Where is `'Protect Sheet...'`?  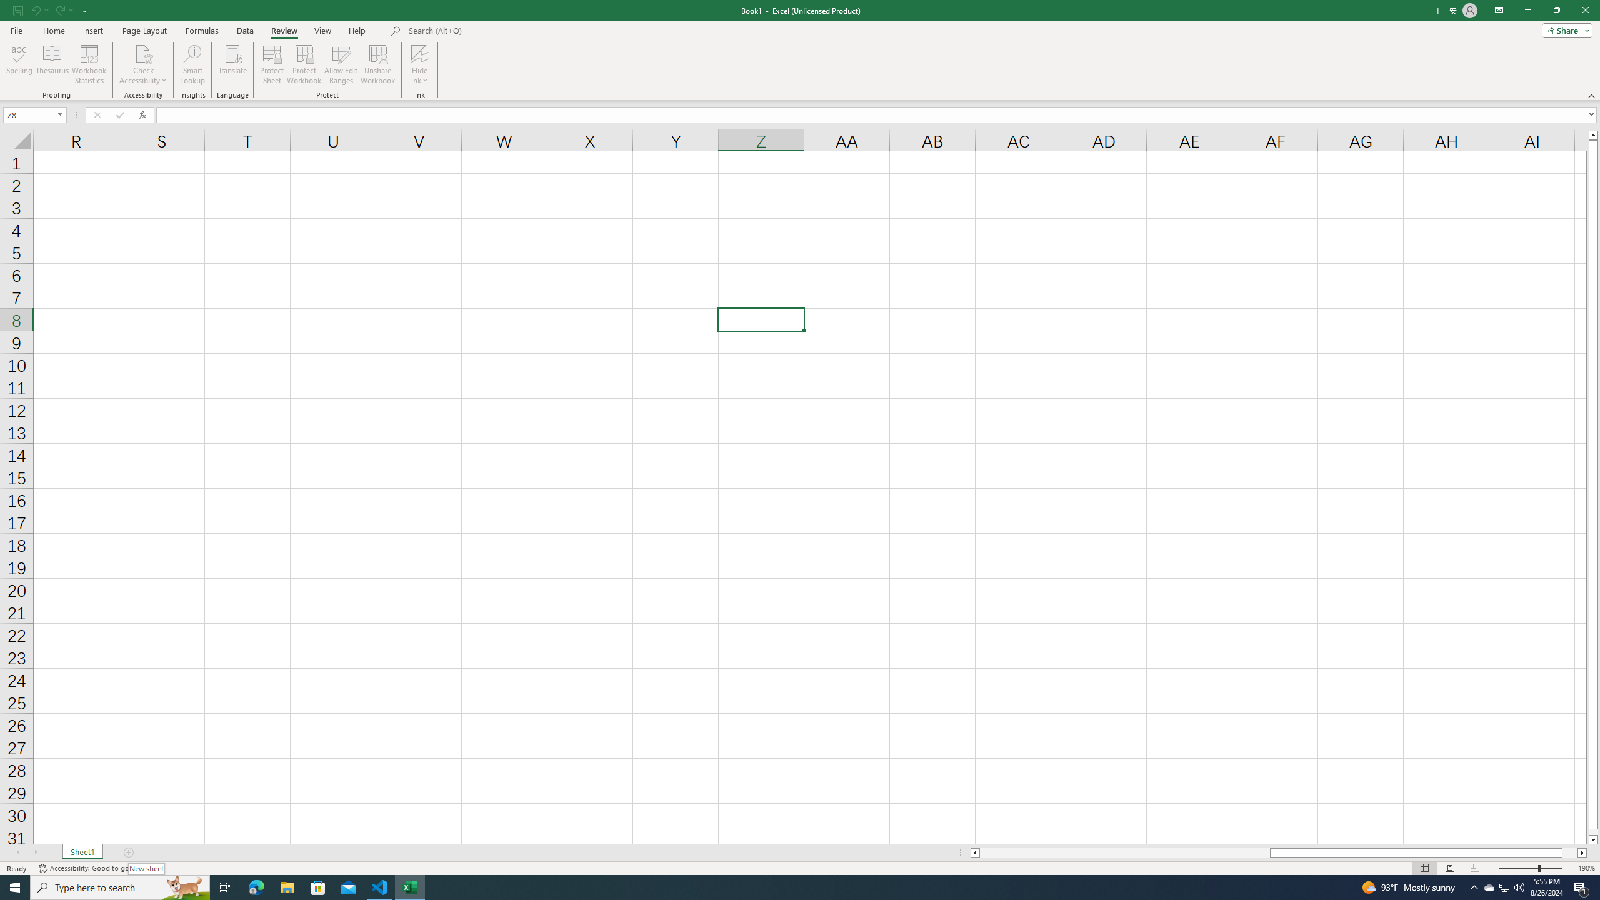 'Protect Sheet...' is located at coordinates (272, 64).